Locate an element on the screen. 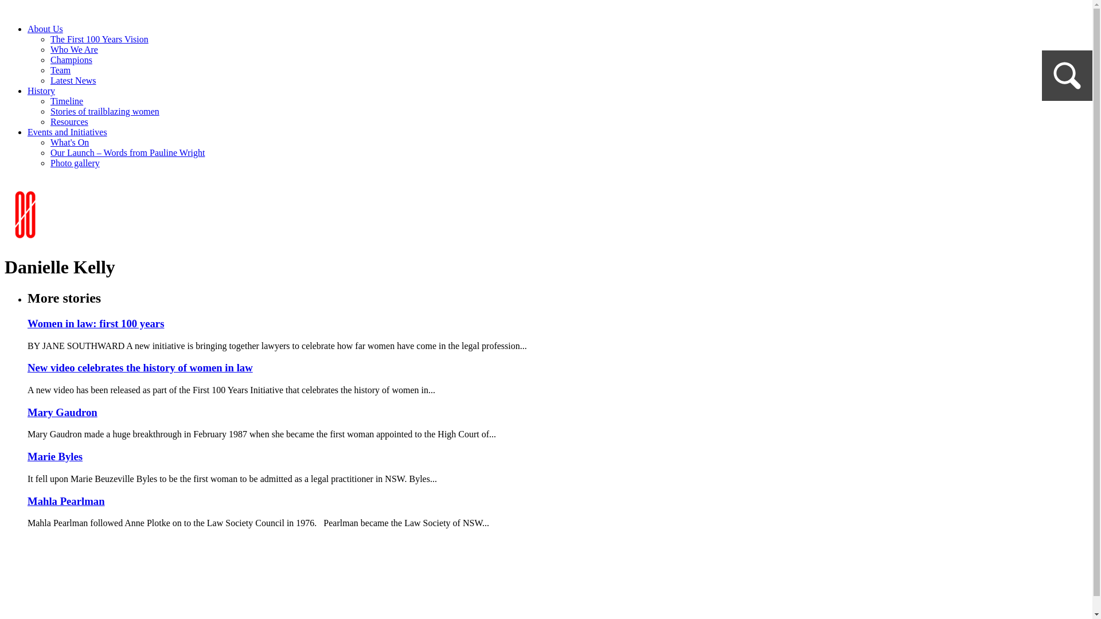  'Stories of trailblazing women' is located at coordinates (104, 111).